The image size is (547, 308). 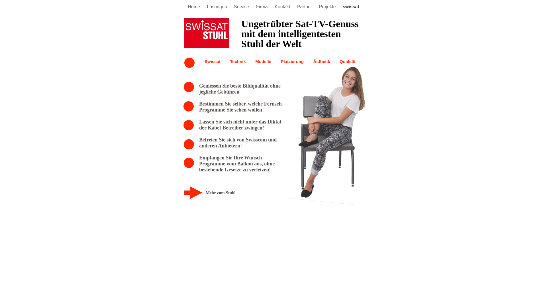 I want to click on 'Platzierung', so click(x=292, y=61).